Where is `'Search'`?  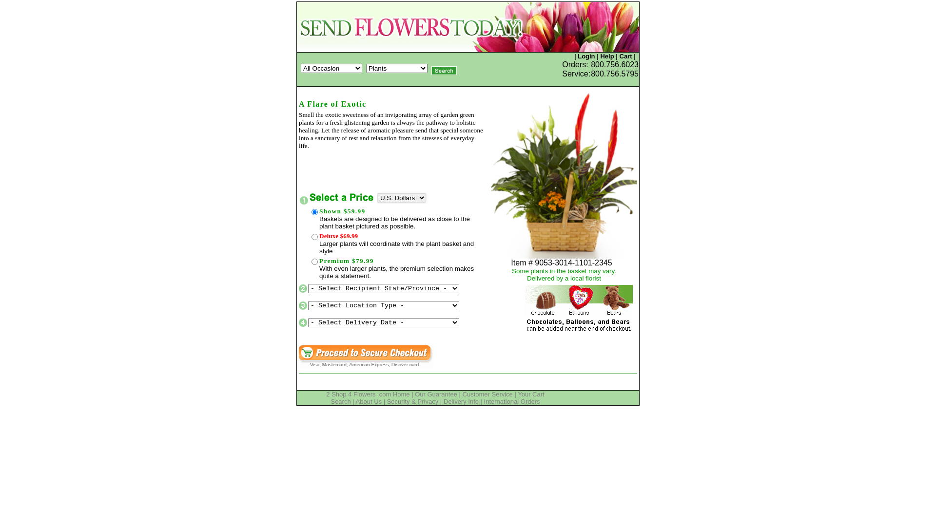
'Search' is located at coordinates (340, 401).